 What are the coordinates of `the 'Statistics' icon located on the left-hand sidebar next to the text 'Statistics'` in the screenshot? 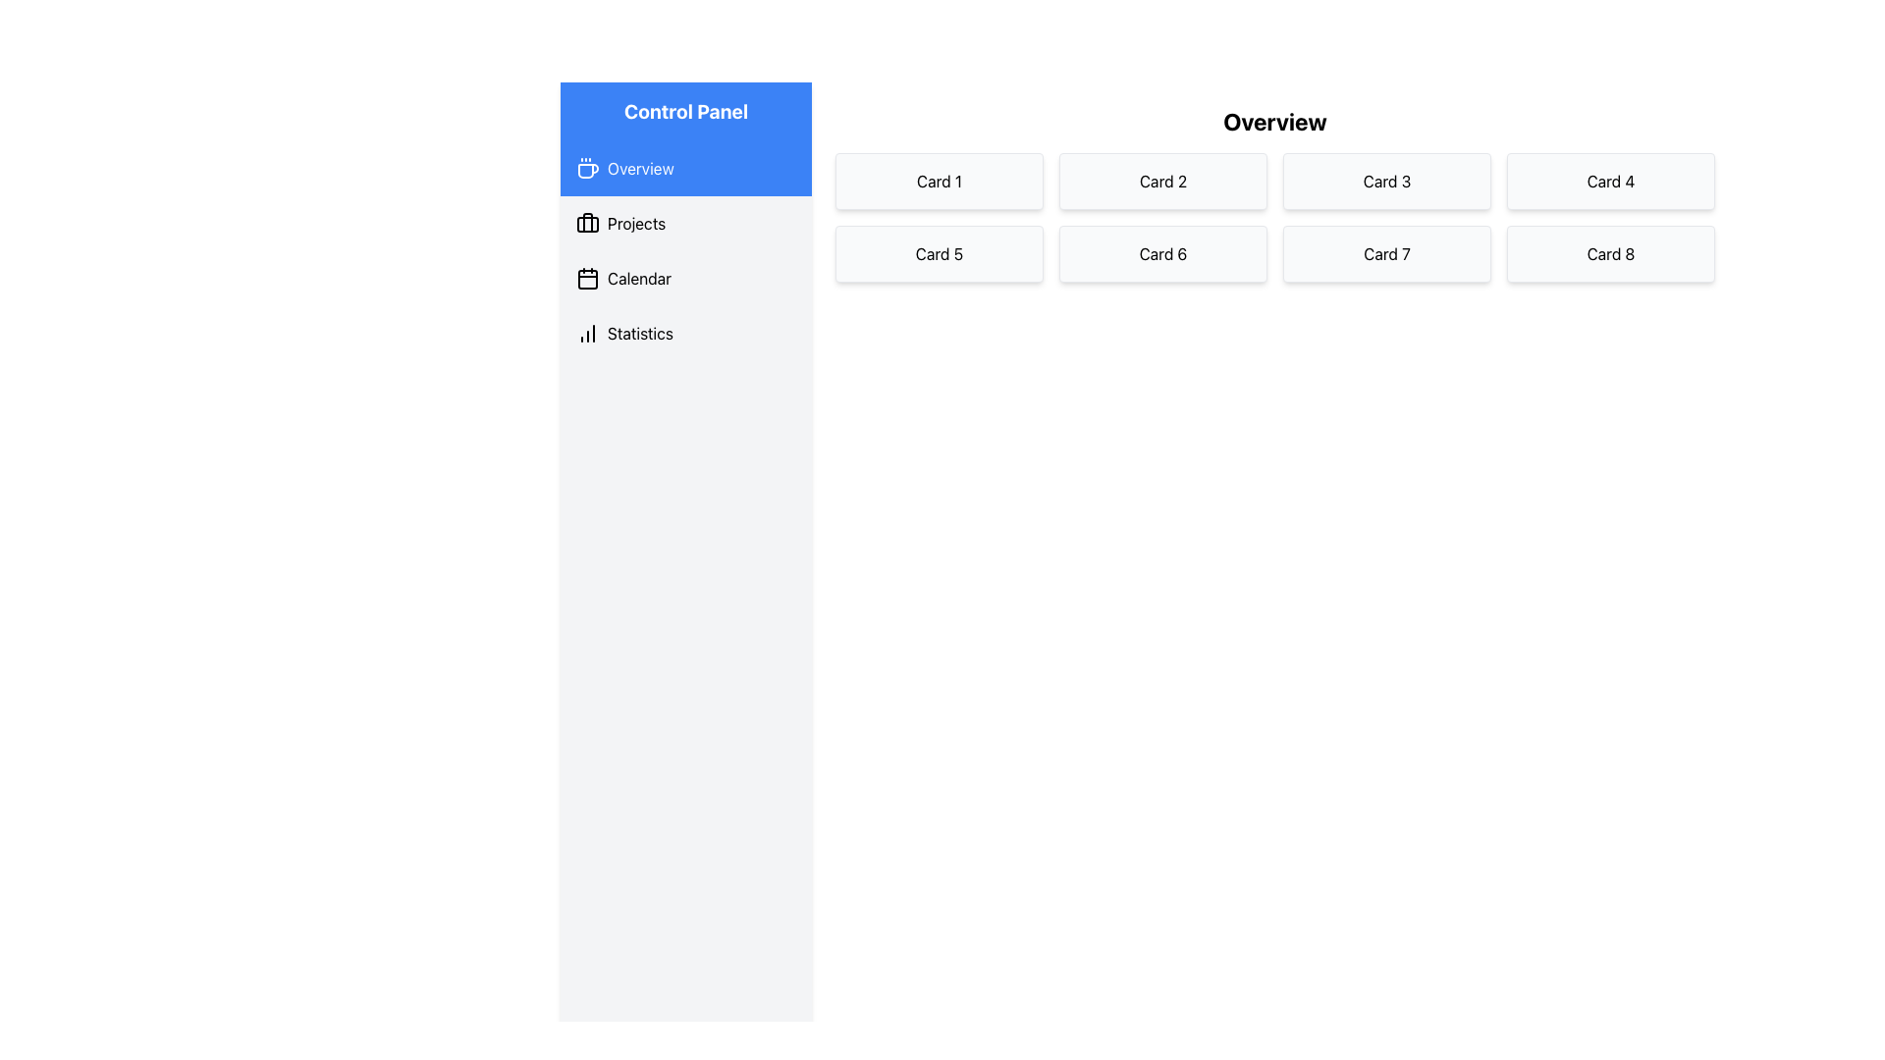 It's located at (587, 332).